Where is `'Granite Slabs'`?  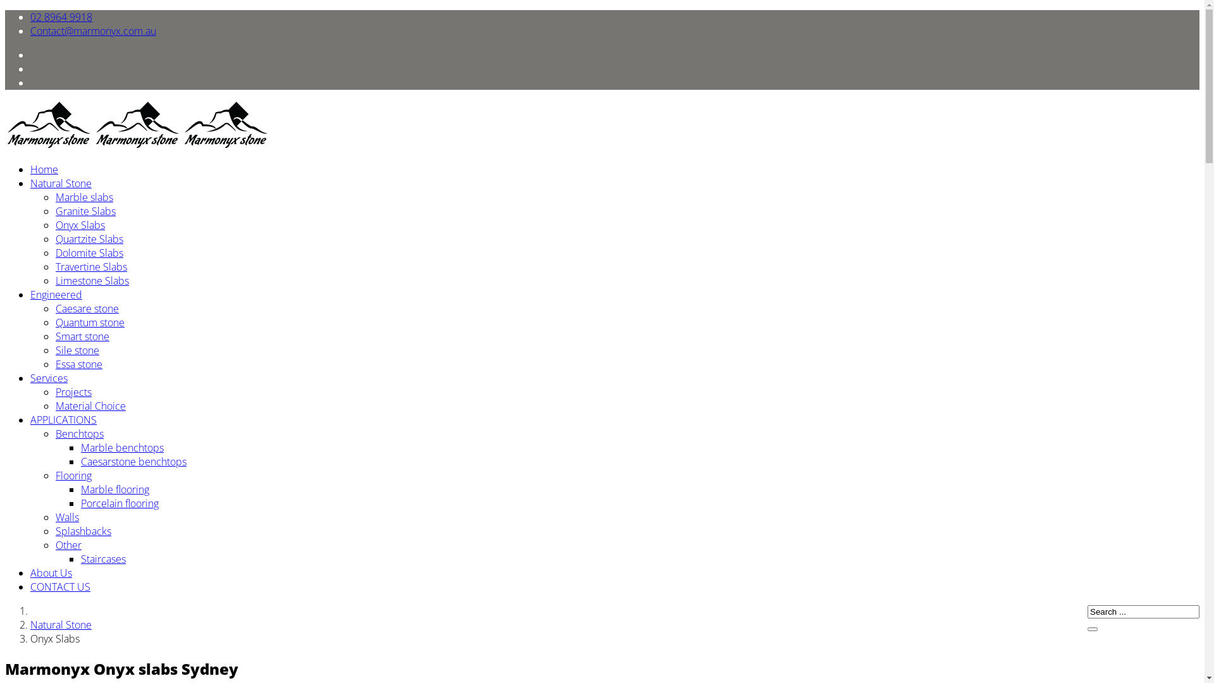
'Granite Slabs' is located at coordinates (85, 211).